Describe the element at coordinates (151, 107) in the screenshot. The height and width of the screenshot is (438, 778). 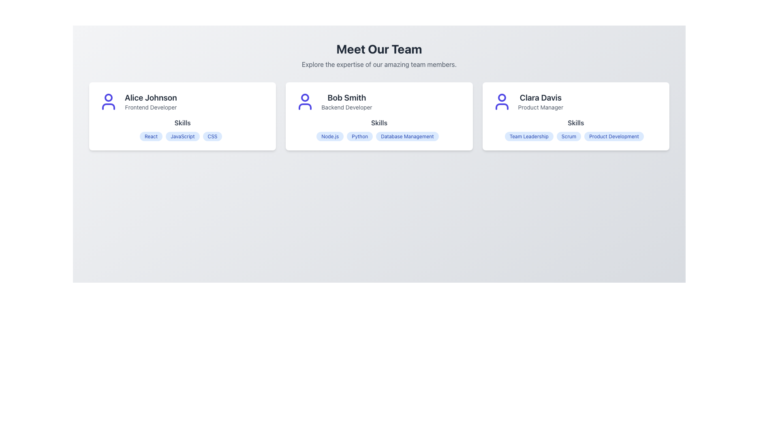
I see `the text label that reads 'Frontend Developer' located below 'Alice Johnson' in the upper-left profile card of the 'Meet Our Team' section, as it may have additional functionality` at that location.